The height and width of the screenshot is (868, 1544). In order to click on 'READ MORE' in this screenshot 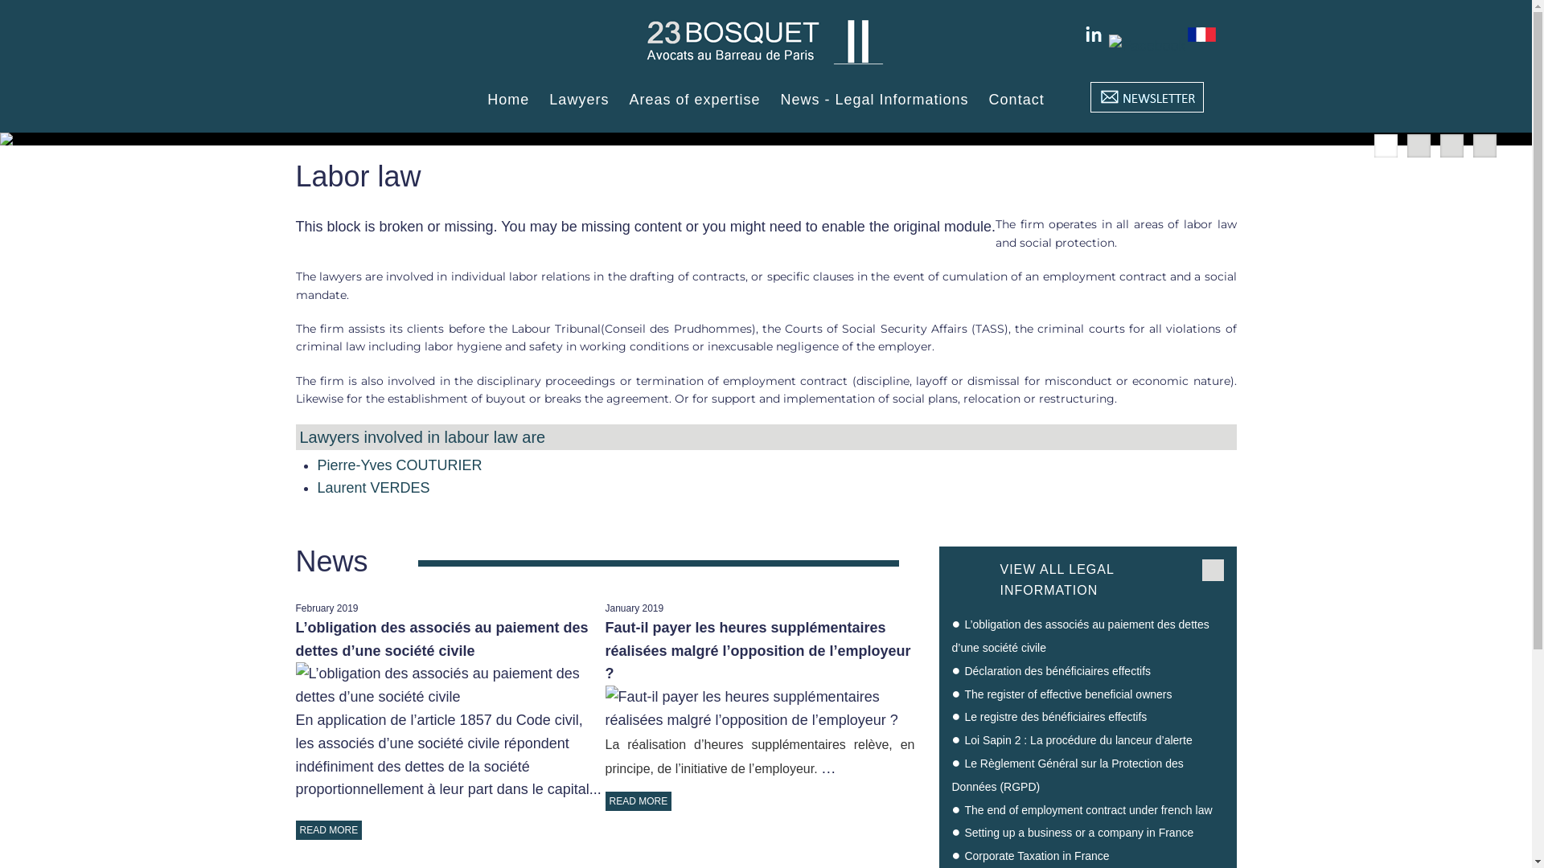, I will do `click(328, 830)`.